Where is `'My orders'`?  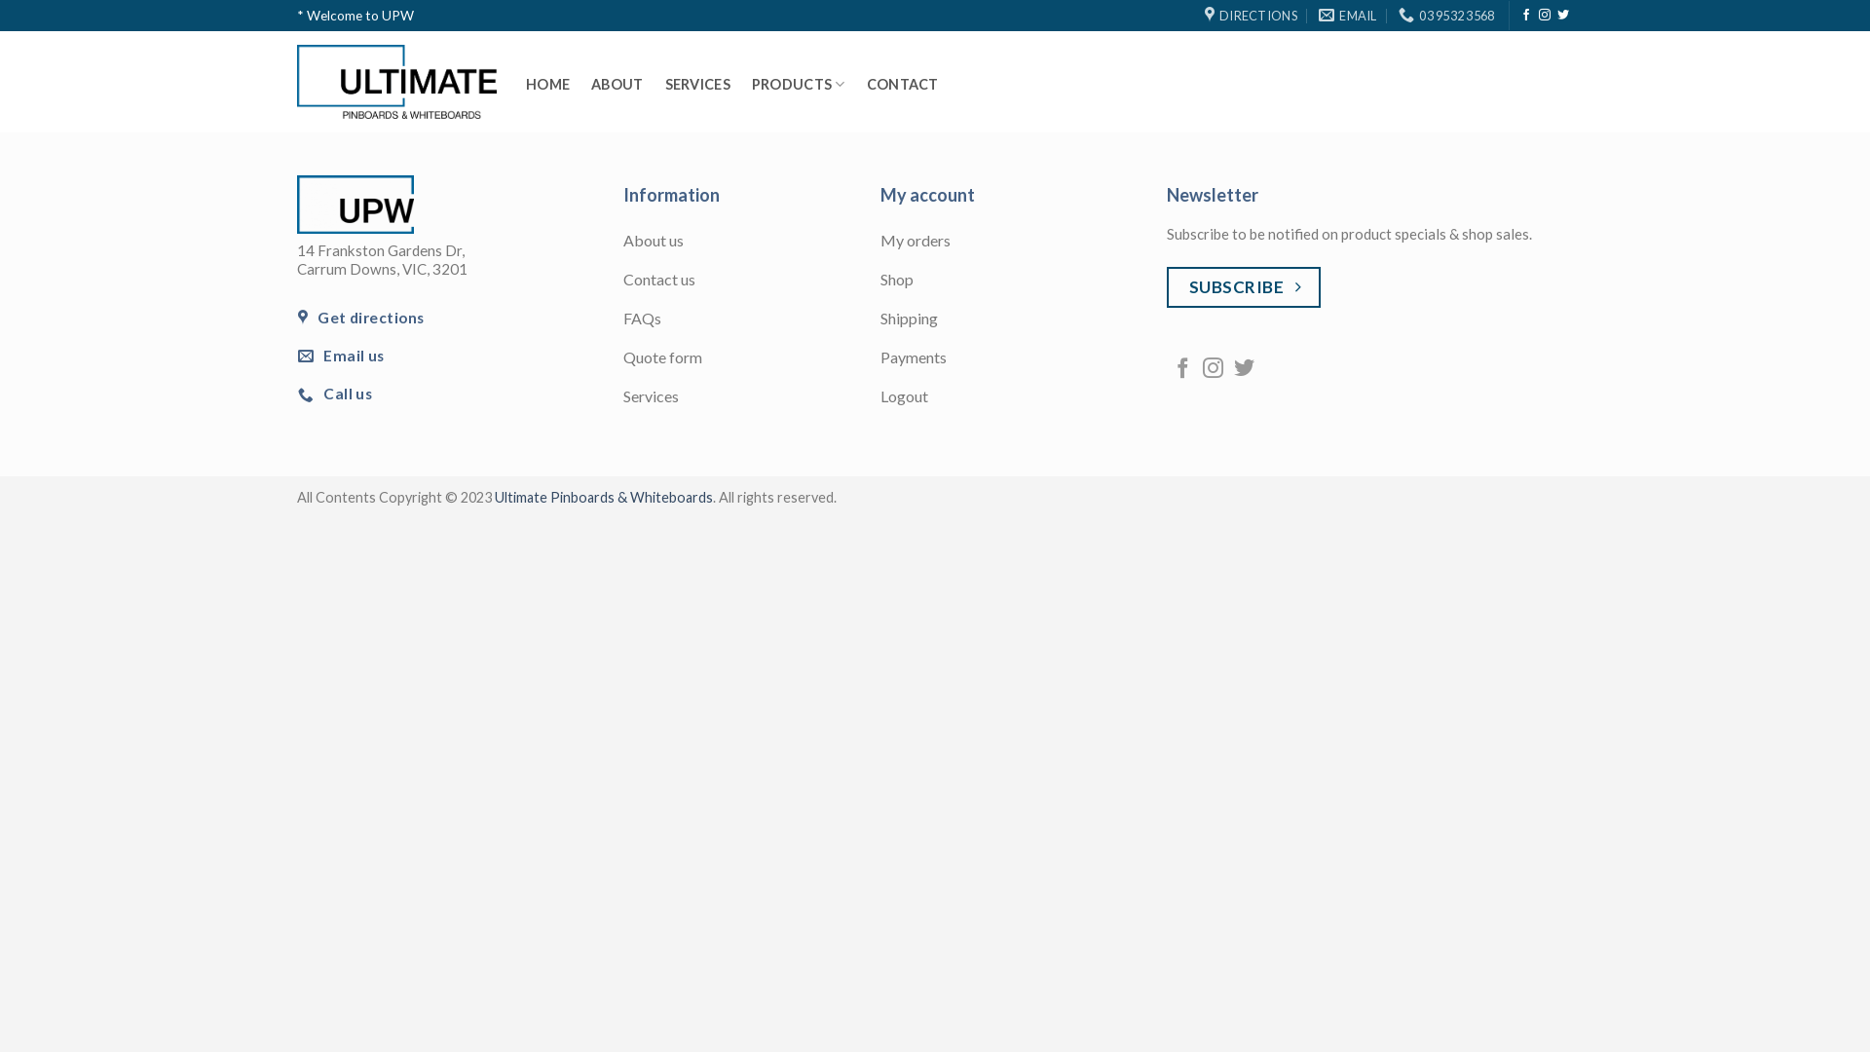
'My orders' is located at coordinates (879, 242).